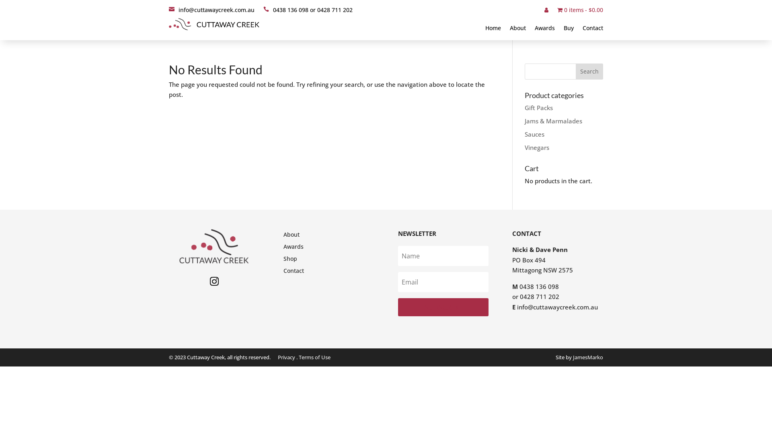  What do you see at coordinates (557, 12) in the screenshot?
I see `'0 items$0.00'` at bounding box center [557, 12].